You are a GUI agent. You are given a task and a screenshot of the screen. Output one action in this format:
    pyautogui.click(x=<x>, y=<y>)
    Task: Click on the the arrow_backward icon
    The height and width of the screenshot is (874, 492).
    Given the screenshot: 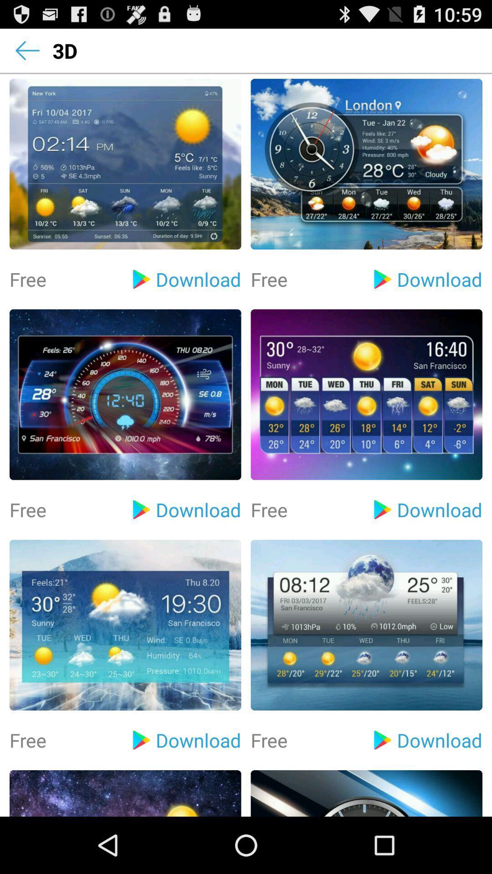 What is the action you would take?
    pyautogui.click(x=27, y=54)
    